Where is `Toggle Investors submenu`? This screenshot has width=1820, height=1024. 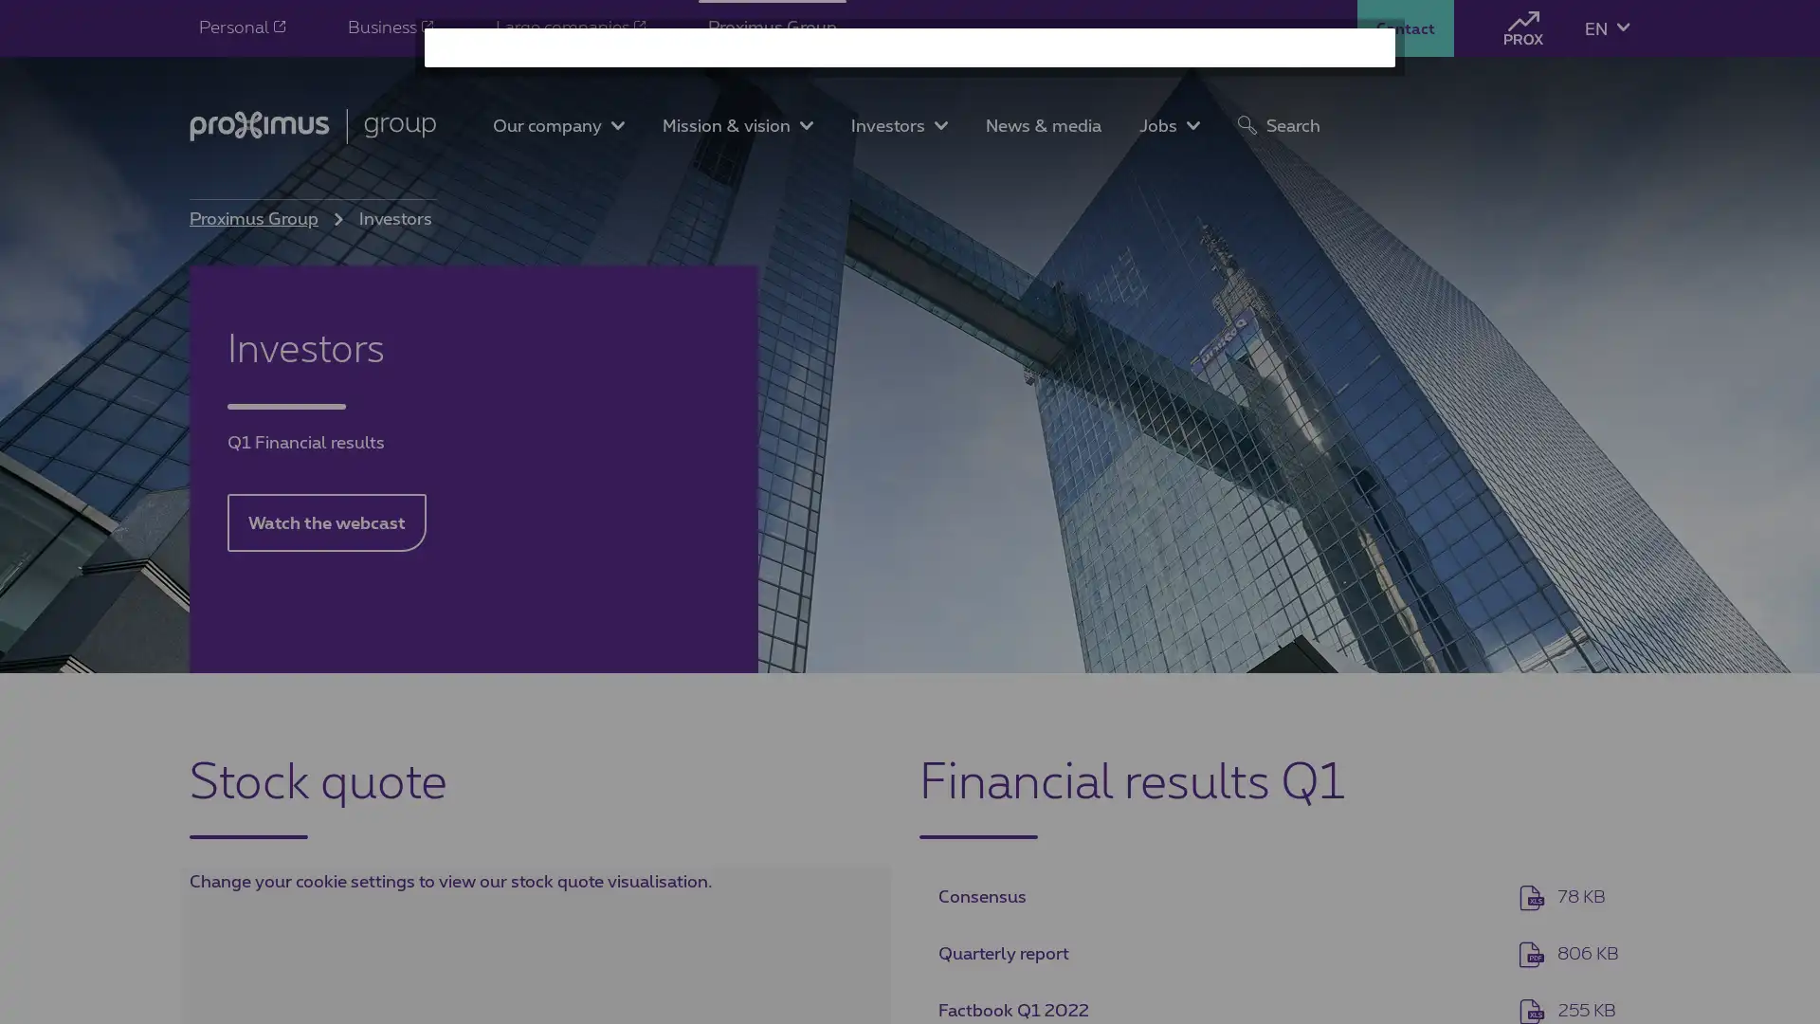 Toggle Investors submenu is located at coordinates (899, 125).